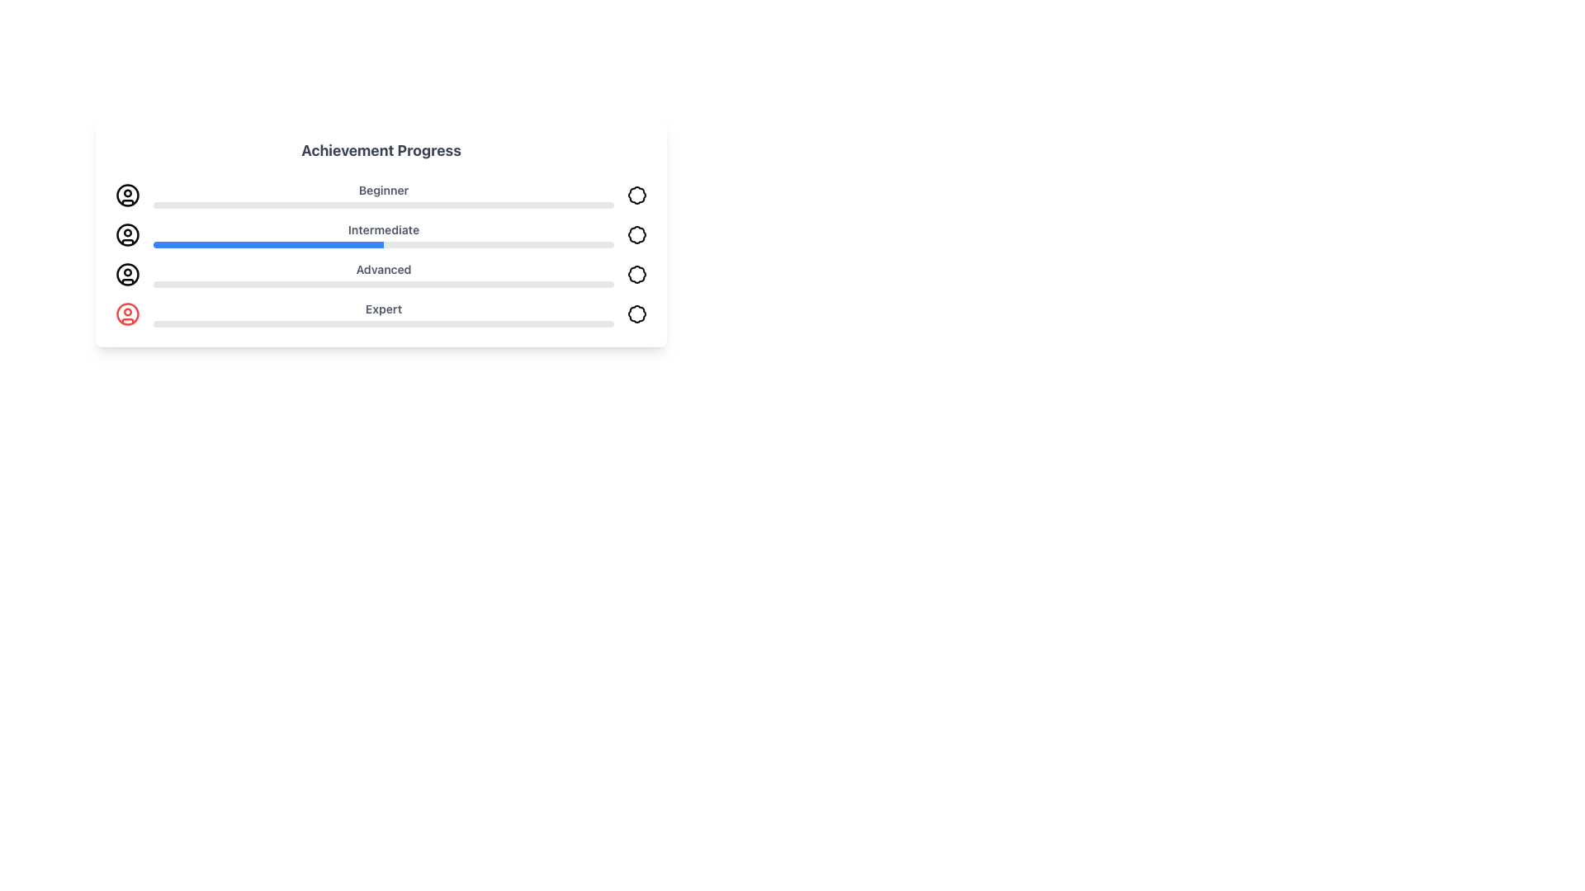  I want to click on the 'Intermediate' progress indicator, which is a blue horizontal bar indicating 50% completion, located between the 'Beginner' and 'Advanced' progress bars, so click(380, 235).